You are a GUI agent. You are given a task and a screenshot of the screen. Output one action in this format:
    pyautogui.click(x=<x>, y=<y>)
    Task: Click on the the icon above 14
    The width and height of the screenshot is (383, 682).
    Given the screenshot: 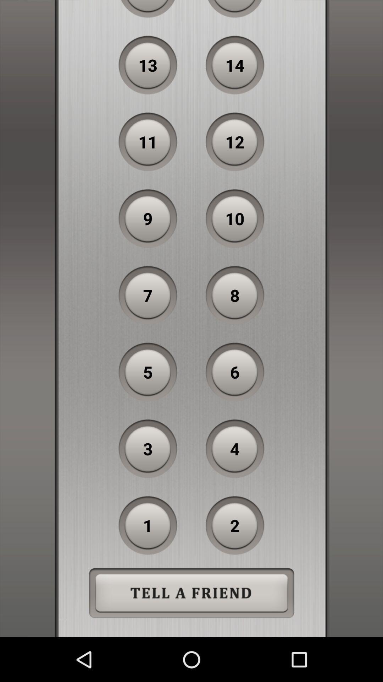 What is the action you would take?
    pyautogui.click(x=235, y=9)
    